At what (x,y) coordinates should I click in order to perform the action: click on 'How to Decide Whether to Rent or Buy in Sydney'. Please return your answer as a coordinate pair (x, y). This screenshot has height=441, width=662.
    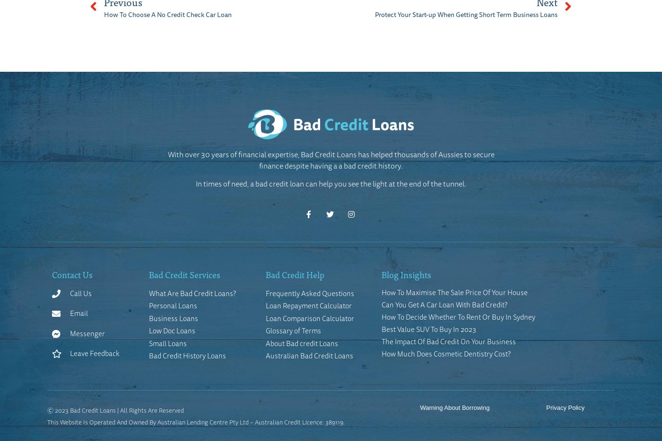
    Looking at the image, I should click on (458, 316).